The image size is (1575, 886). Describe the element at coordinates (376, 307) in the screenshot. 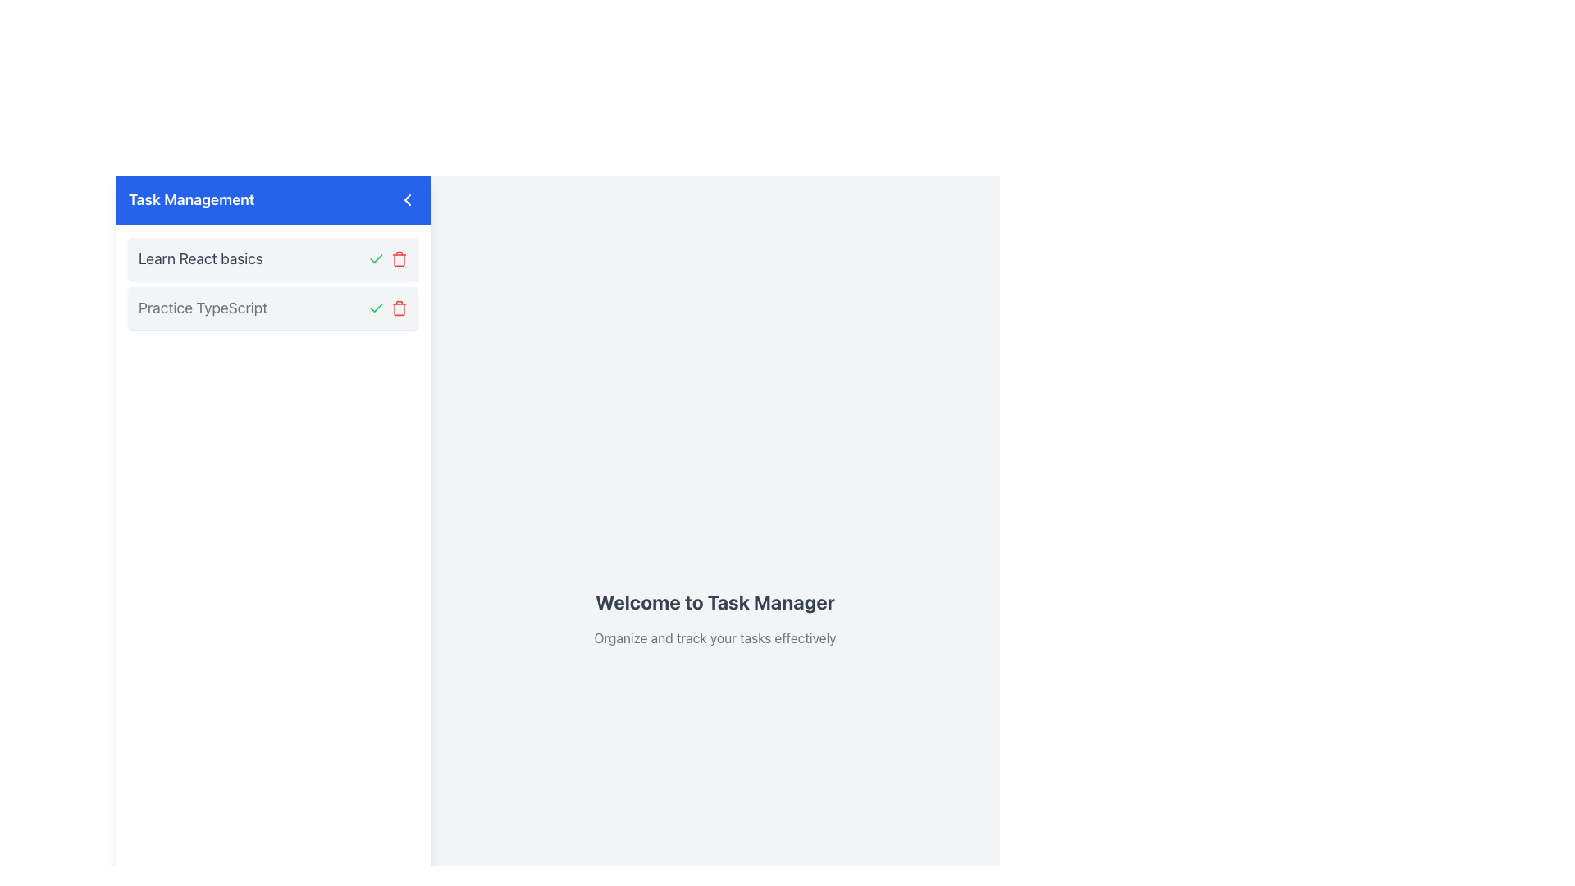

I see `the green checkmark icon that represents a completed task, located to the right of the 'Learn React basics' text label in the task pane` at that location.